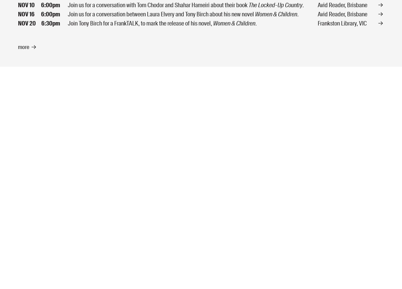  What do you see at coordinates (342, 23) in the screenshot?
I see `'Frankston Library, VIC'` at bounding box center [342, 23].